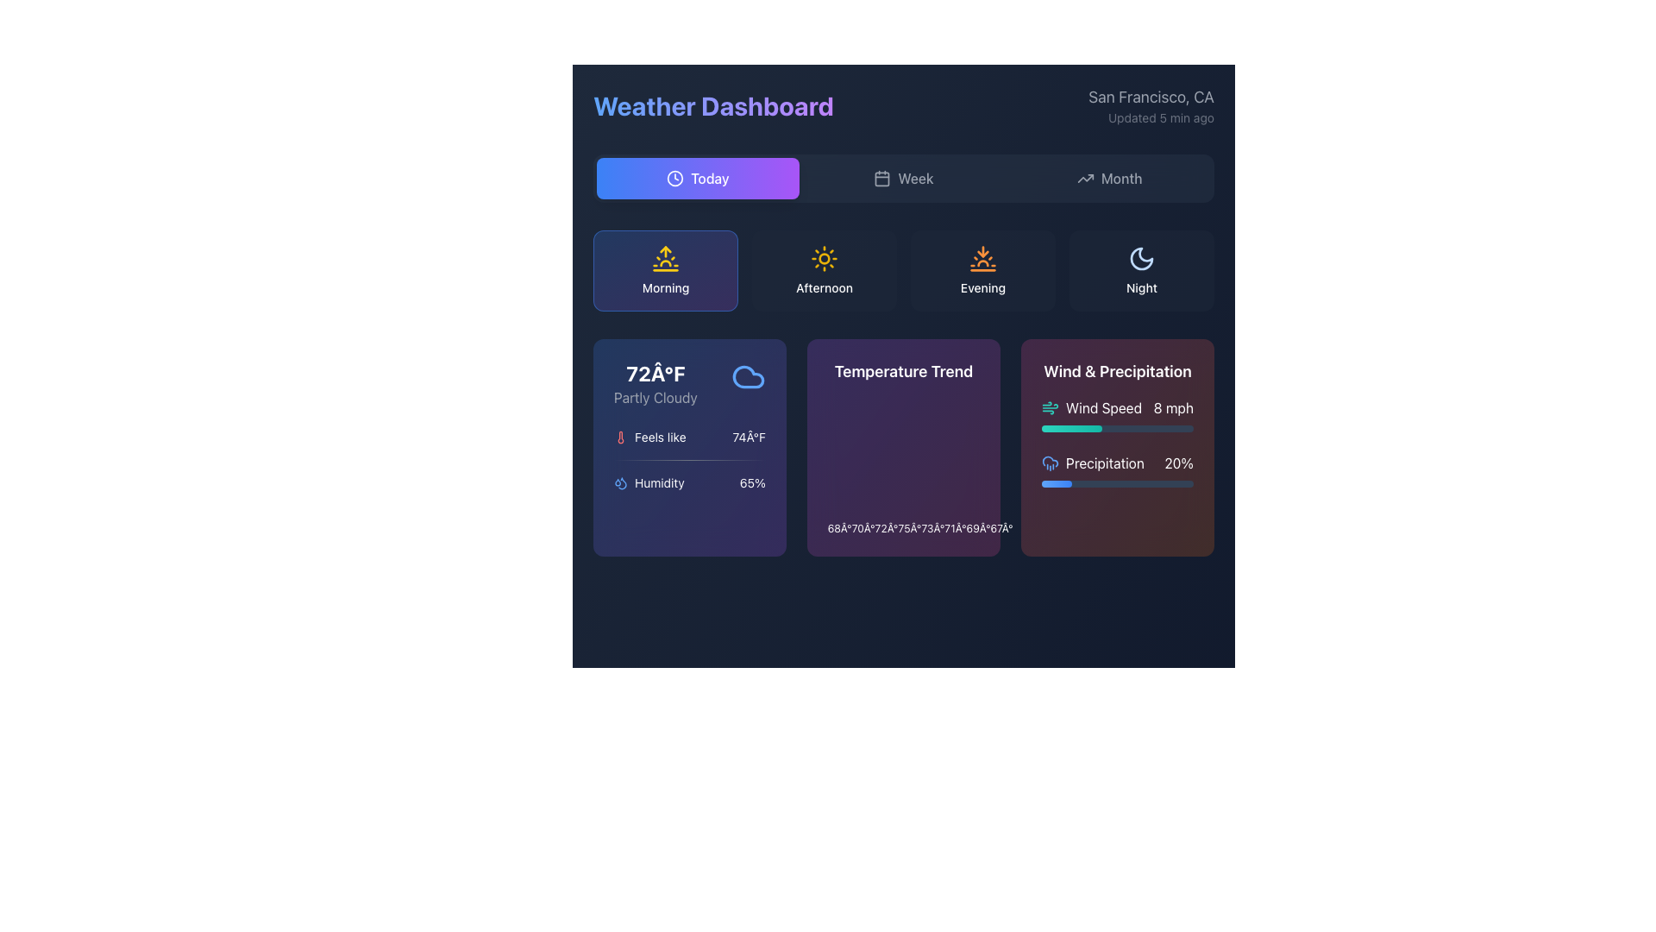 Image resolution: width=1656 pixels, height=932 pixels. Describe the element at coordinates (621, 482) in the screenshot. I see `the decorative humidity icon located to the left of the 'Humidity' text in the weather summary card` at that location.